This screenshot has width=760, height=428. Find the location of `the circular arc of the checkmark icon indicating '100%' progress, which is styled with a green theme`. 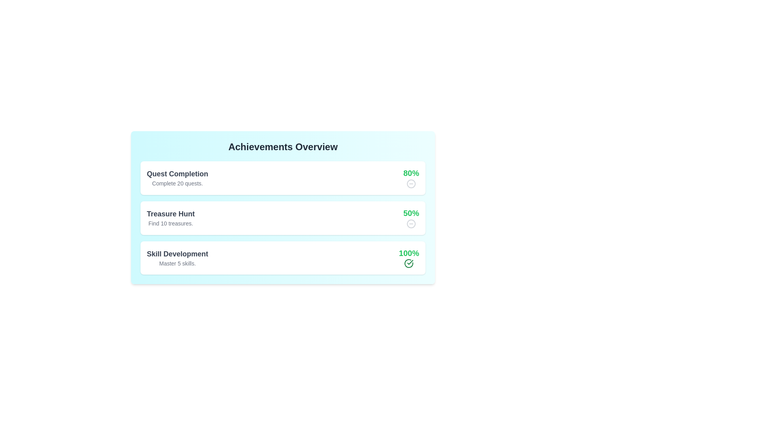

the circular arc of the checkmark icon indicating '100%' progress, which is styled with a green theme is located at coordinates (409, 264).